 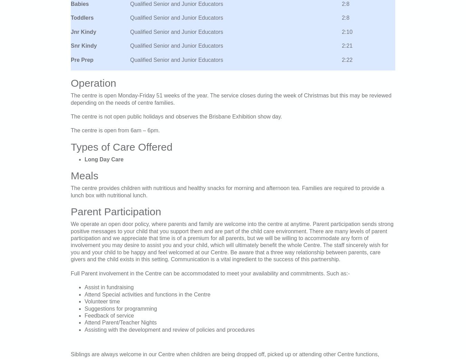 I want to click on 'Suggestions for programming', so click(x=120, y=308).